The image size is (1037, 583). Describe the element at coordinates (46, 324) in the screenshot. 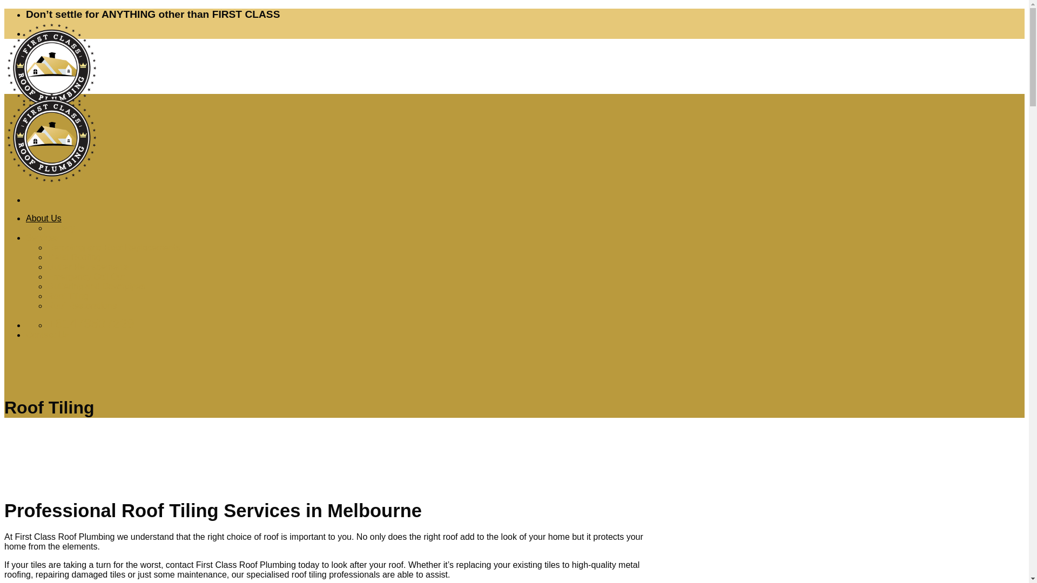

I see `'+61473537229'` at that location.